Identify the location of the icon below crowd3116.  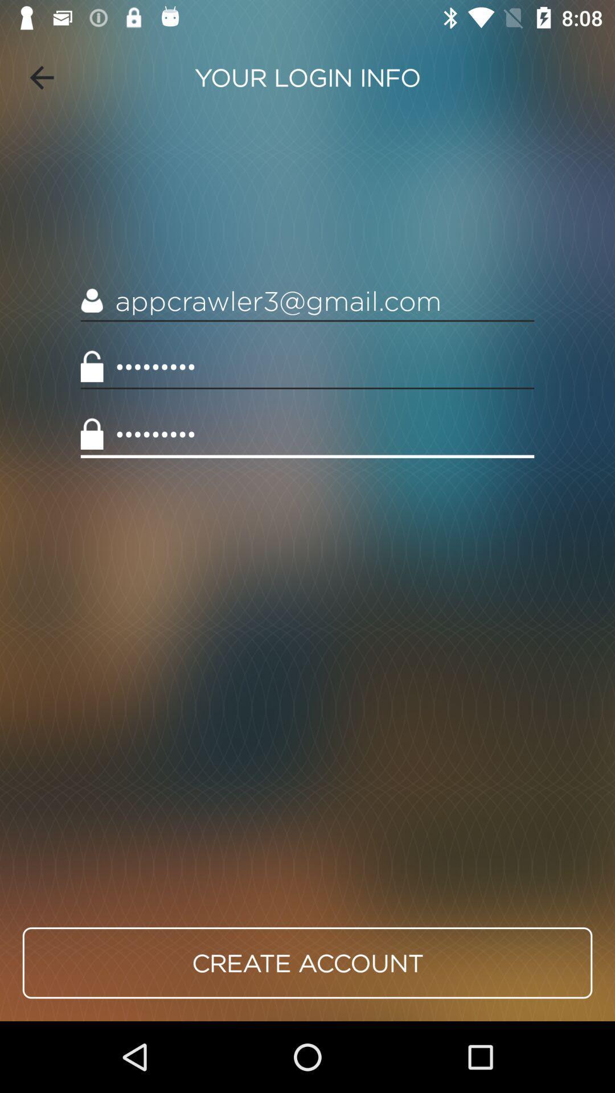
(307, 962).